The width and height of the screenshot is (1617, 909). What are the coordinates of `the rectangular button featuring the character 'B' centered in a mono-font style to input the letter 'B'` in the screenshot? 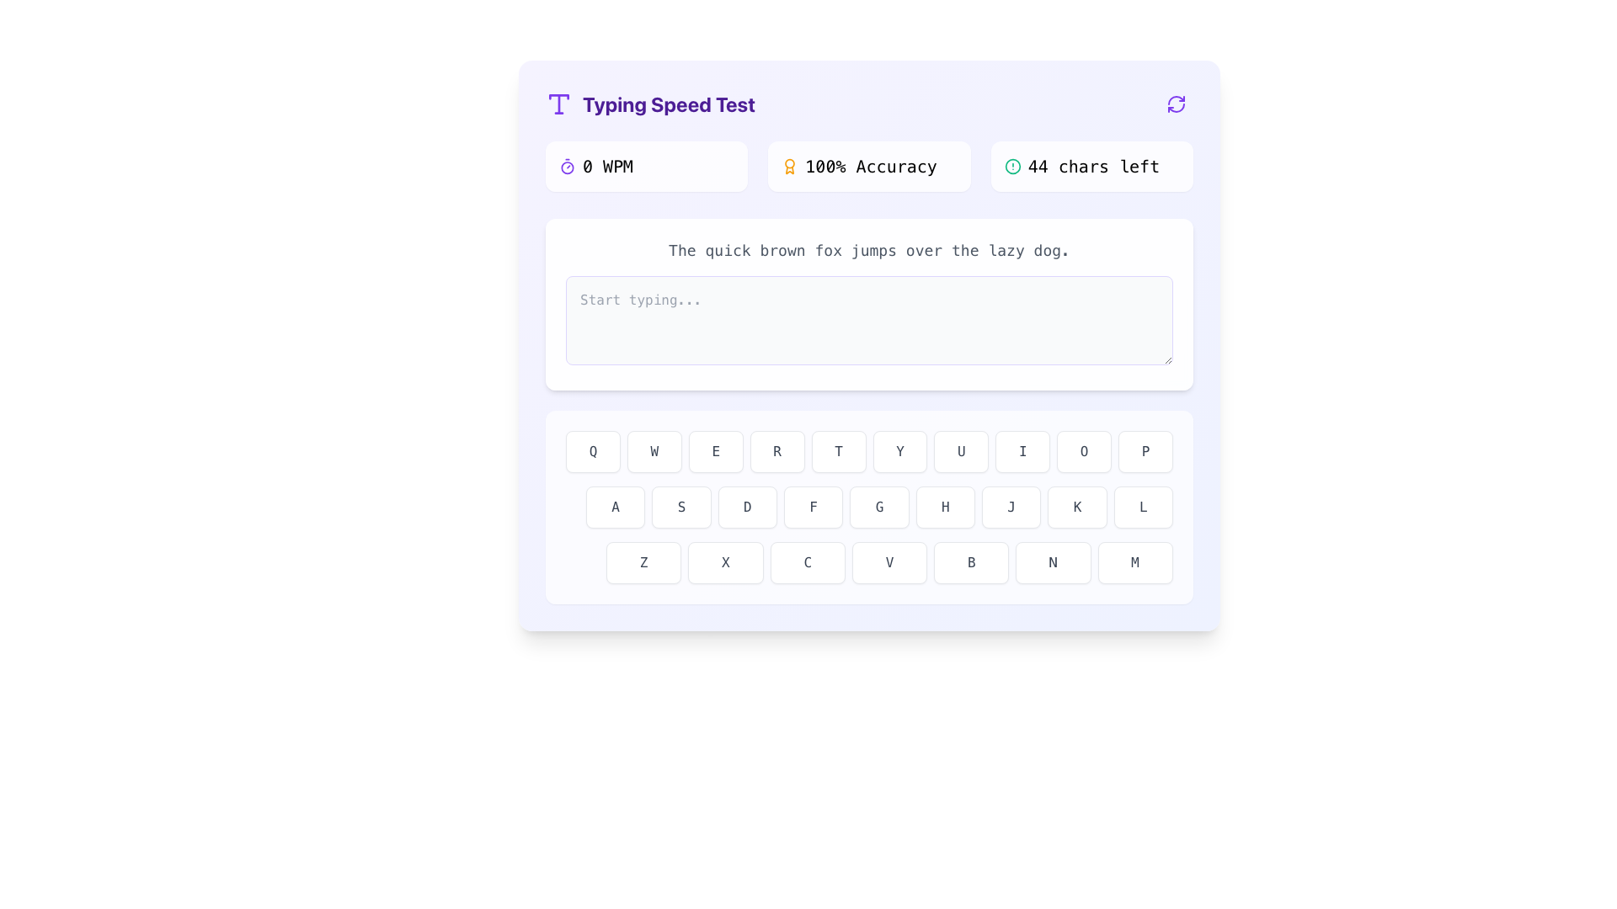 It's located at (971, 562).